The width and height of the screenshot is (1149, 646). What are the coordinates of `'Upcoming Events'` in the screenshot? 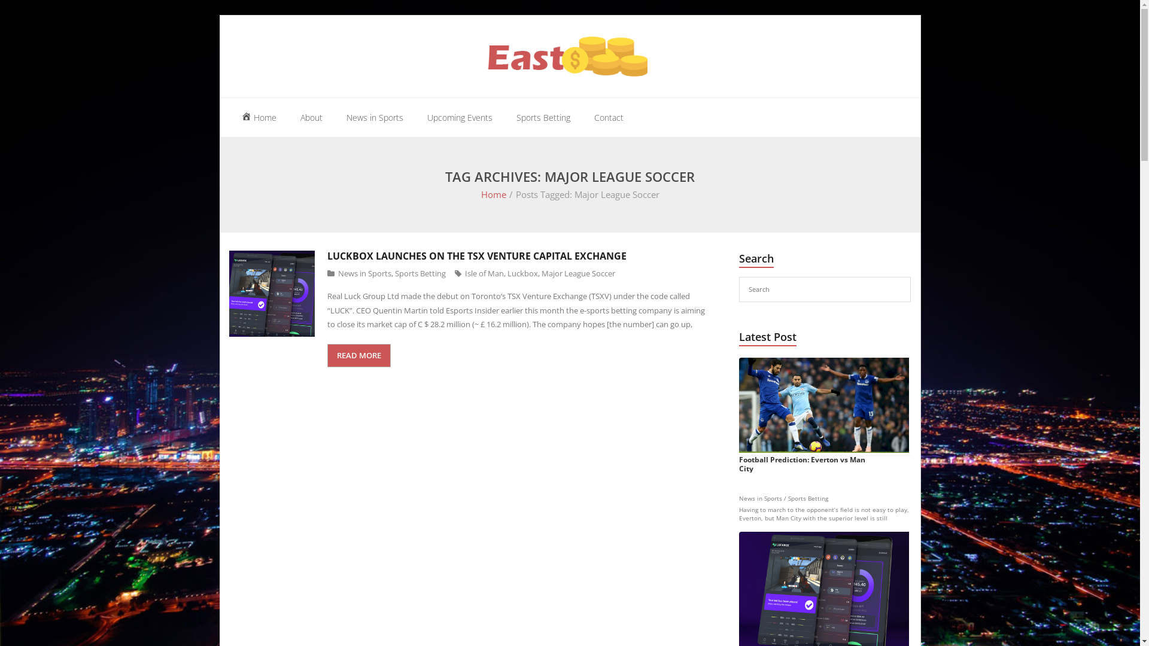 It's located at (459, 117).